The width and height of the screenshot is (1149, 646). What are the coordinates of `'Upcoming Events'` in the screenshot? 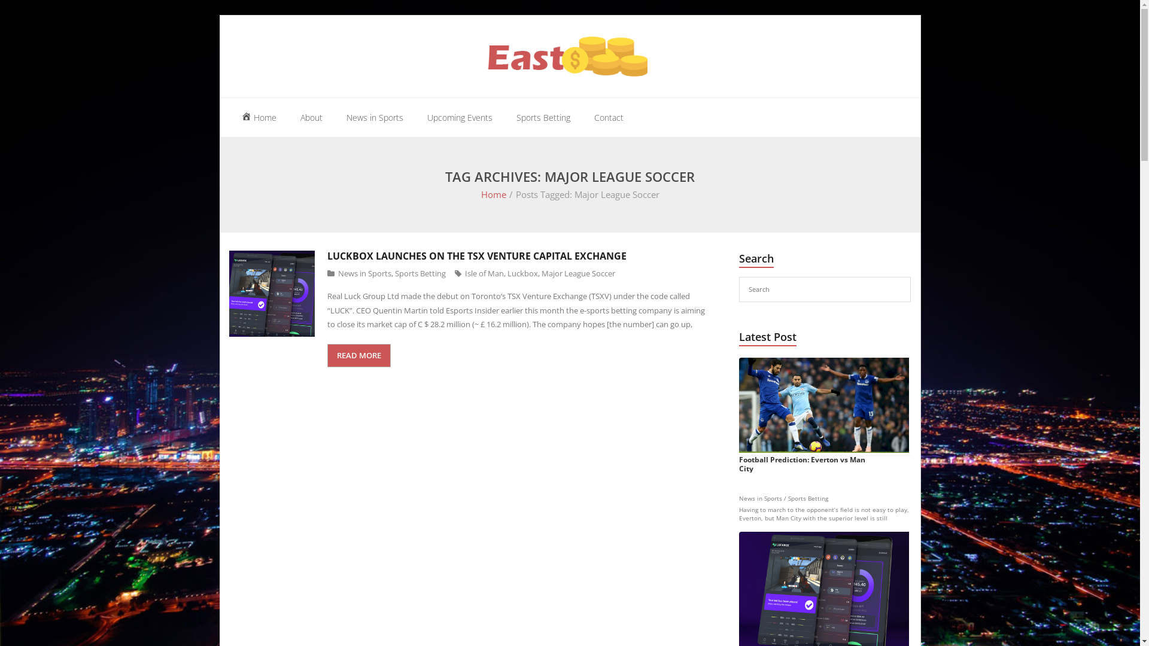 It's located at (459, 117).